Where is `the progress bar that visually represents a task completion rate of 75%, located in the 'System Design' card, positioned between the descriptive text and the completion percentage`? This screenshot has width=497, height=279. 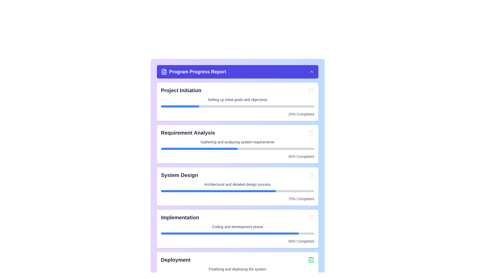 the progress bar that visually represents a task completion rate of 75%, located in the 'System Design' card, positioned between the descriptive text and the completion percentage is located at coordinates (237, 191).